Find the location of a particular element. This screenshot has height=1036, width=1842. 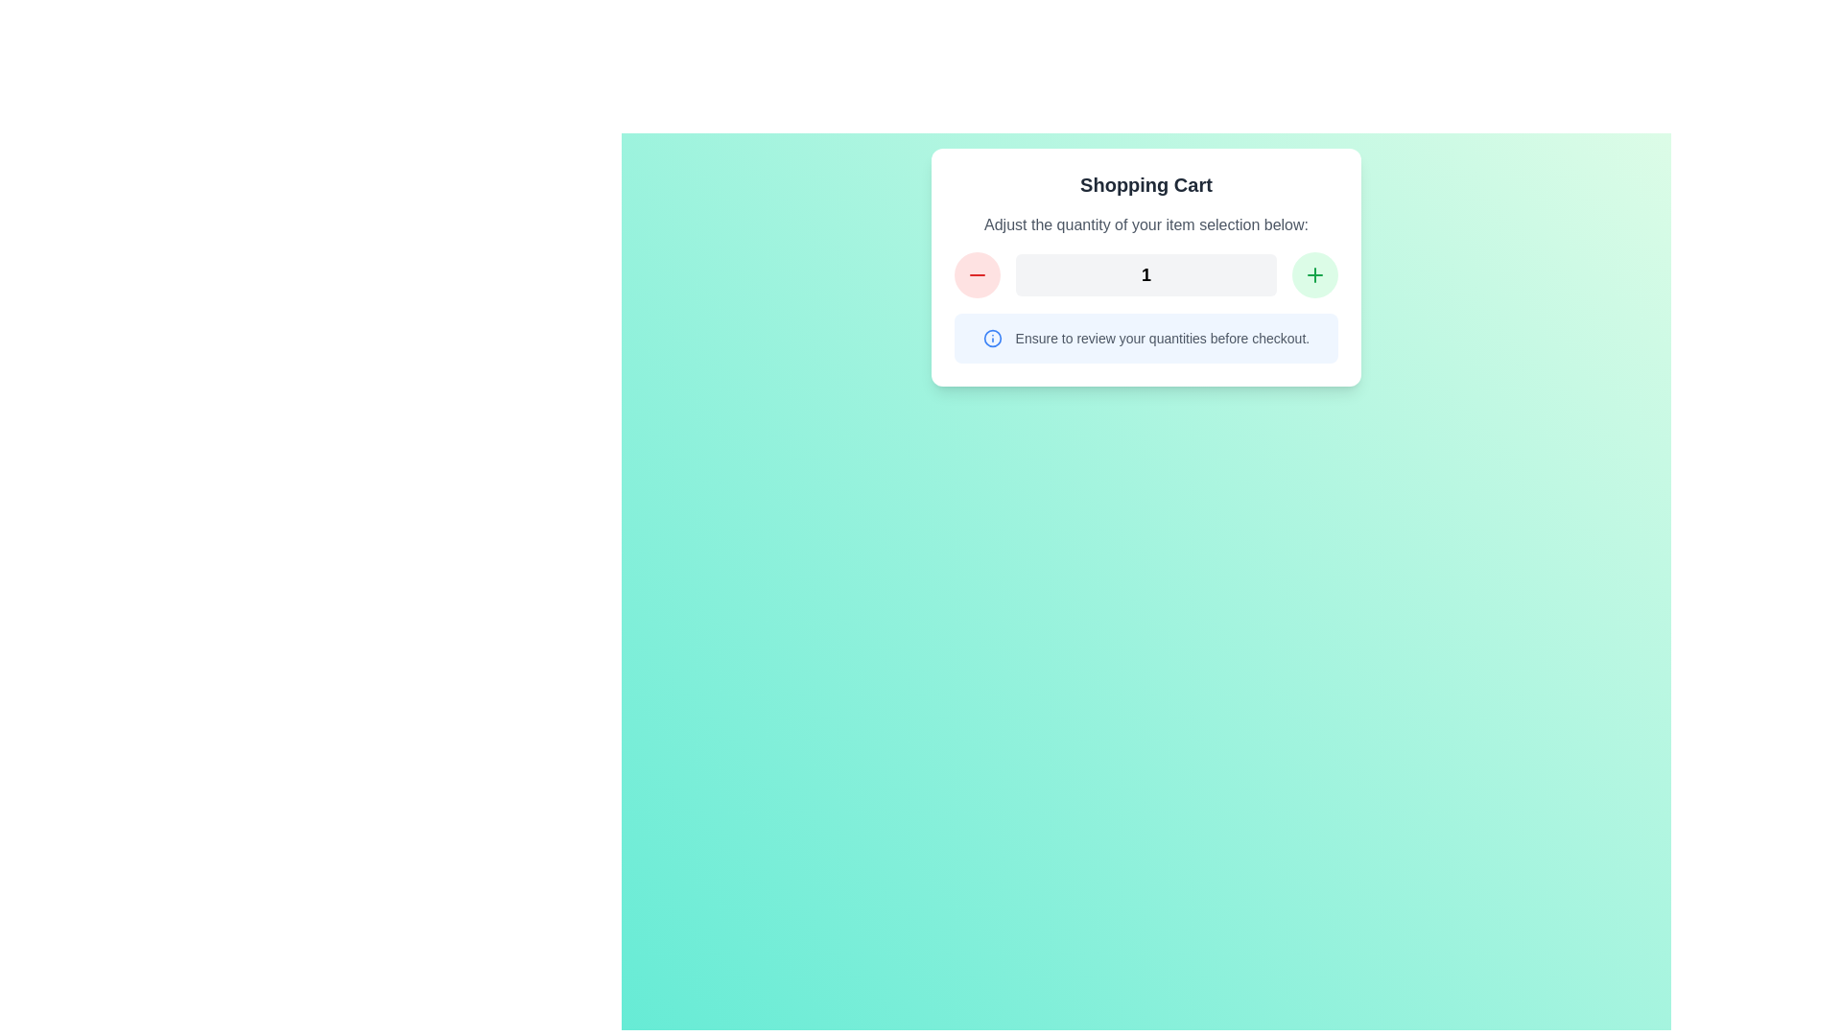

the green circular button with a '+' SVG icon located to the right of the numeric input field in the 'Shopping Cart' interface to increment the numeric value is located at coordinates (1314, 274).